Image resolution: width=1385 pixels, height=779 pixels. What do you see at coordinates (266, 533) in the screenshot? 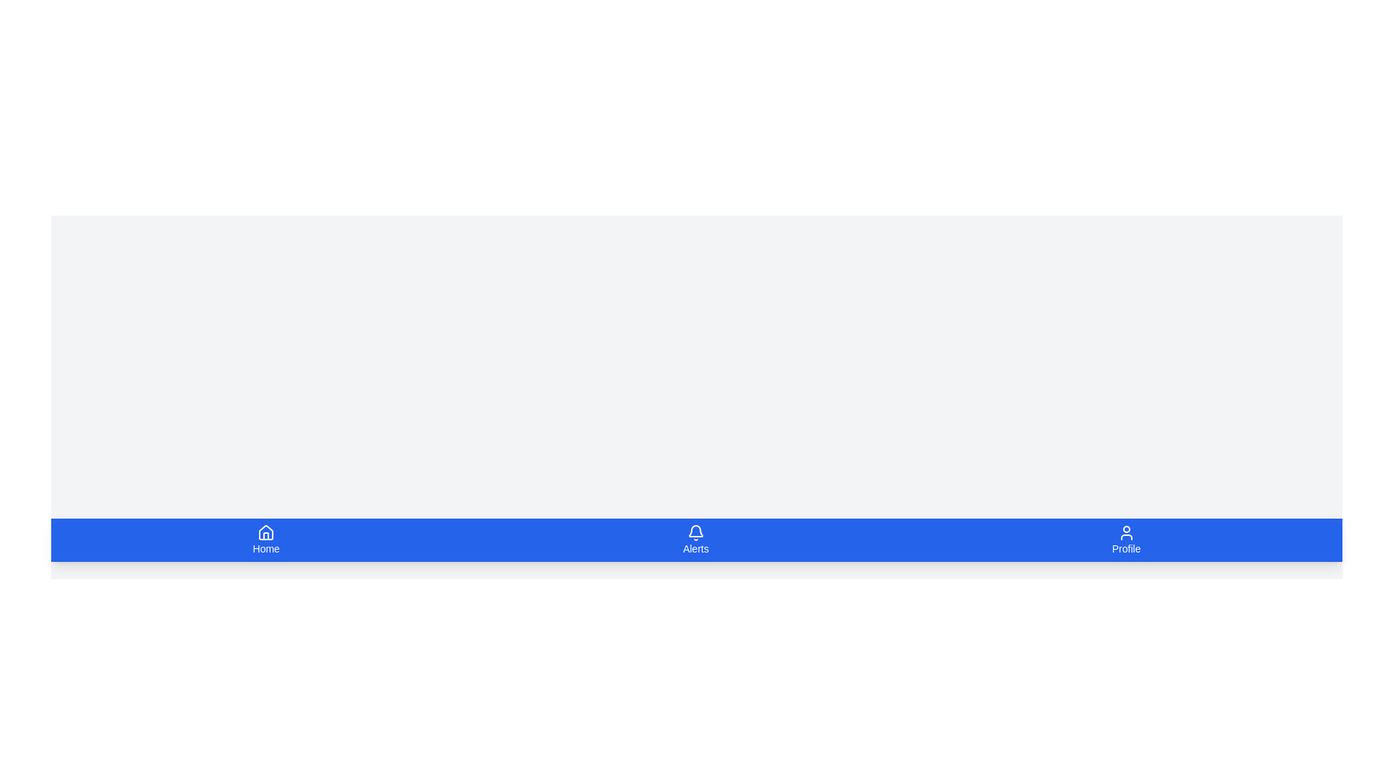
I see `the house icon in the bottom navigation bar` at bounding box center [266, 533].